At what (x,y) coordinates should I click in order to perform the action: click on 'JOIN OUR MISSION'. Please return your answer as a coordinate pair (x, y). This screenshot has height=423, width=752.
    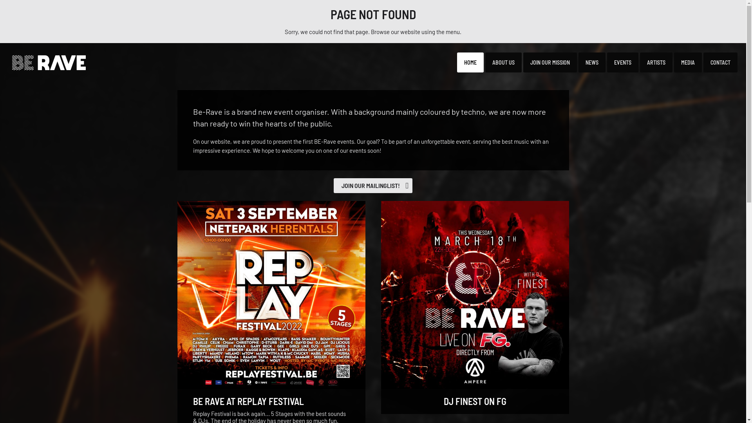
    Looking at the image, I should click on (550, 62).